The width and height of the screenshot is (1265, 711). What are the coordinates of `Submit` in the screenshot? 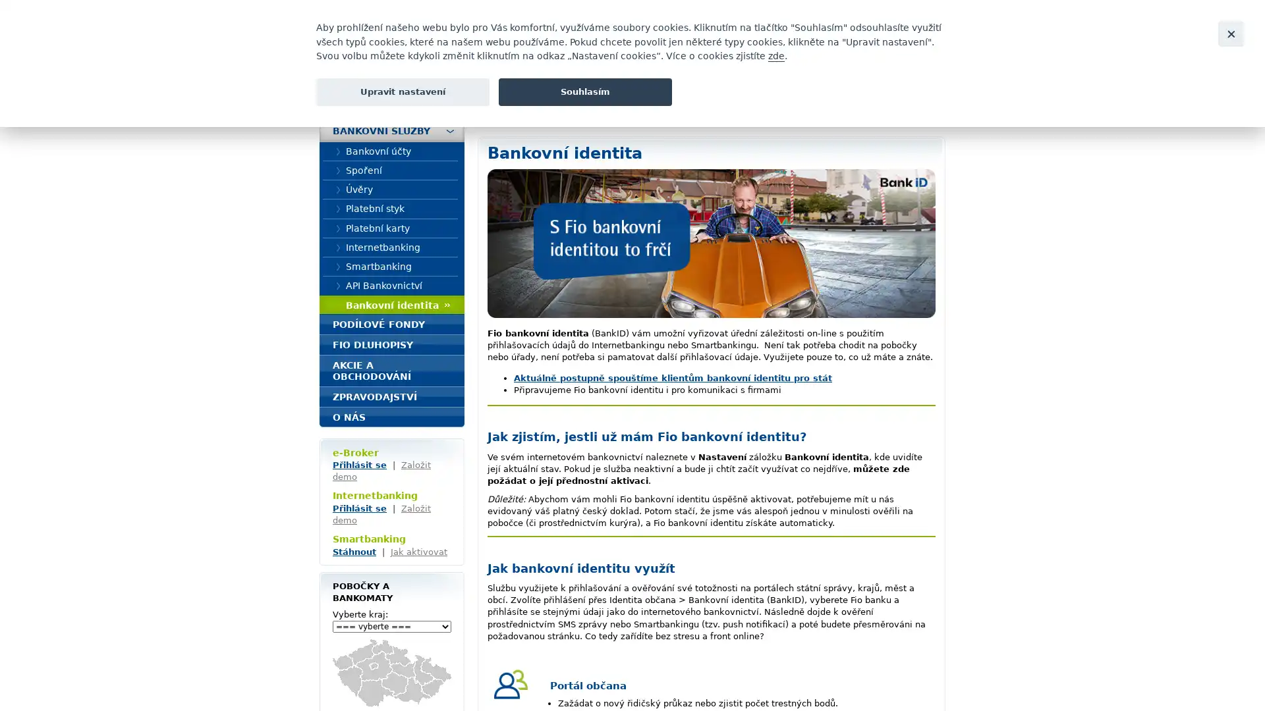 It's located at (935, 61).